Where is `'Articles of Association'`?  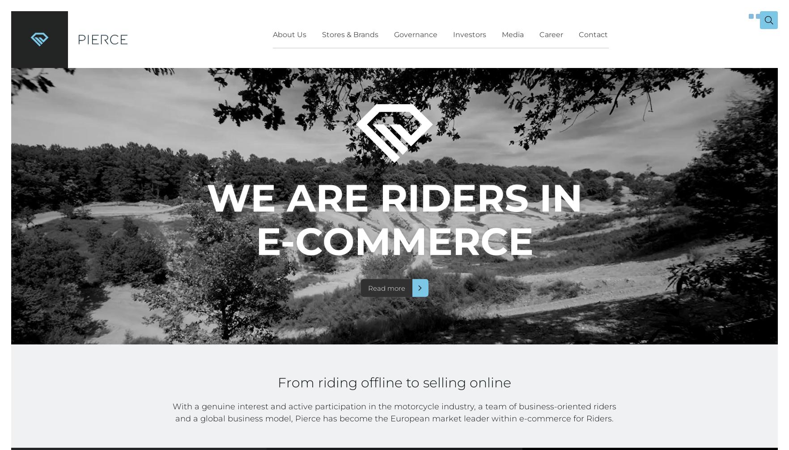
'Articles of Association' is located at coordinates (532, 128).